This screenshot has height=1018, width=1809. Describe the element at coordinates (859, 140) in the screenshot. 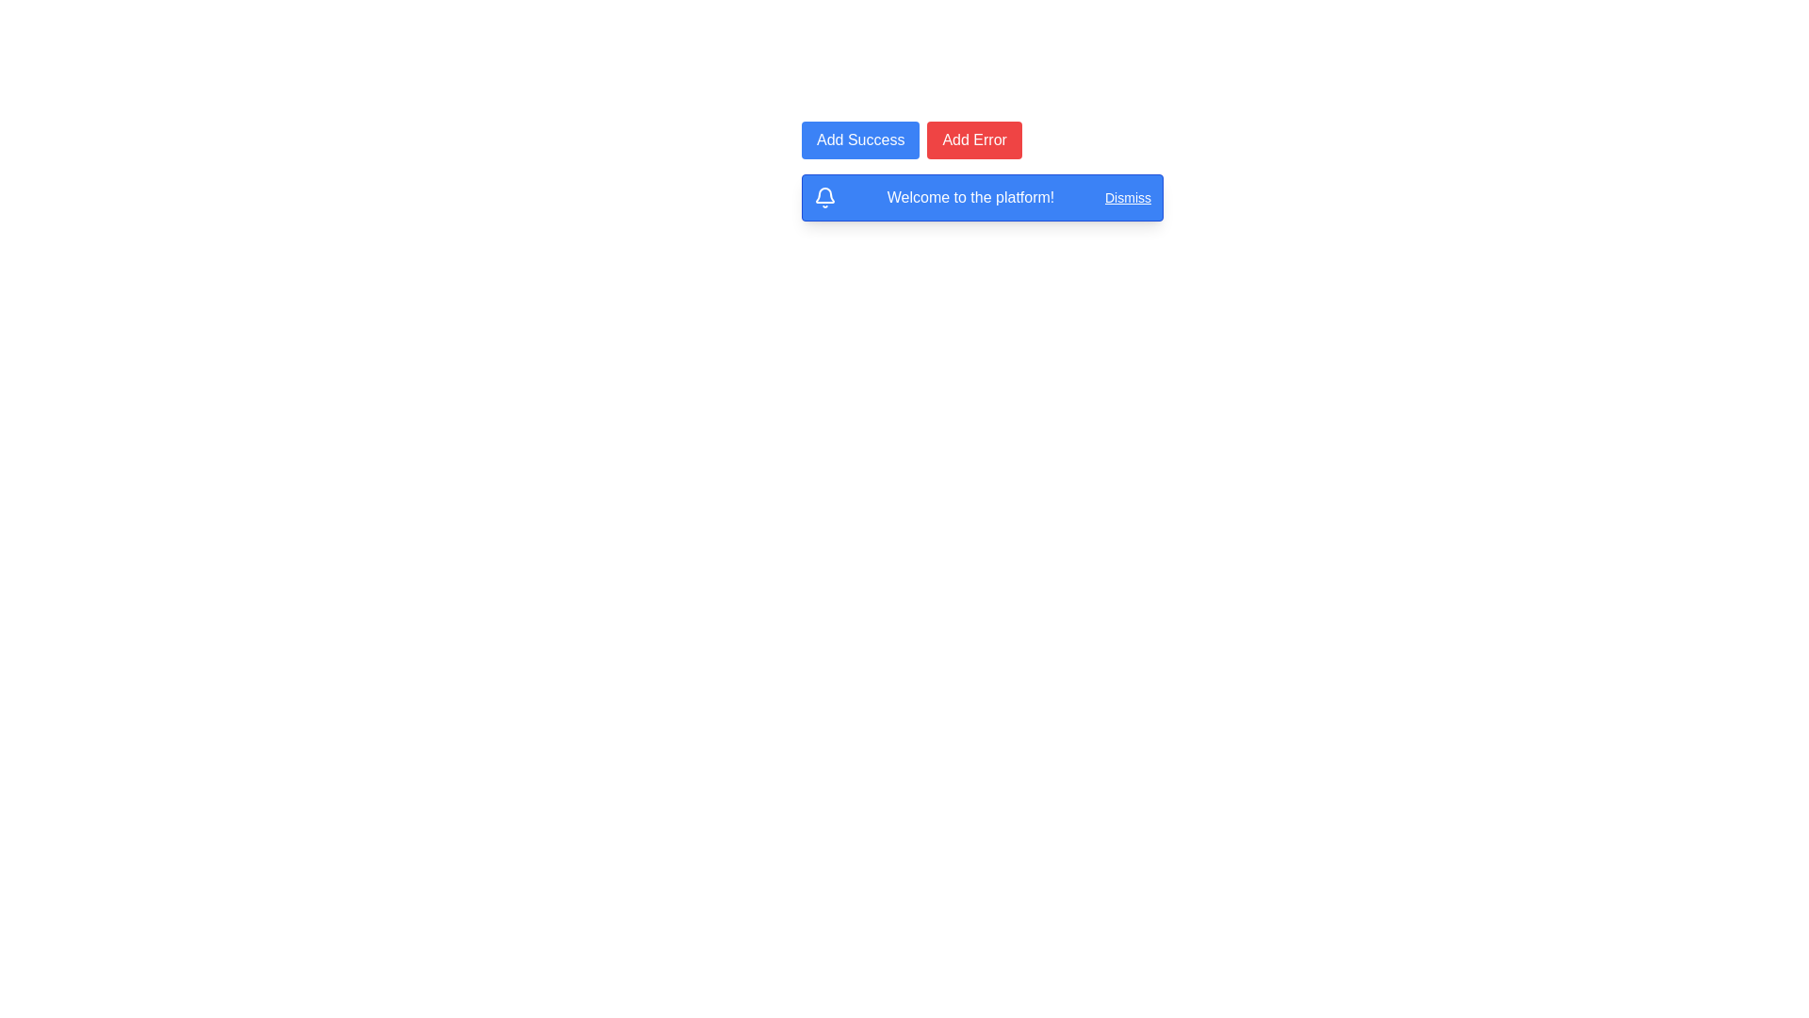

I see `the first button in a horizontal group of two buttons located near the top center of the interface` at that location.